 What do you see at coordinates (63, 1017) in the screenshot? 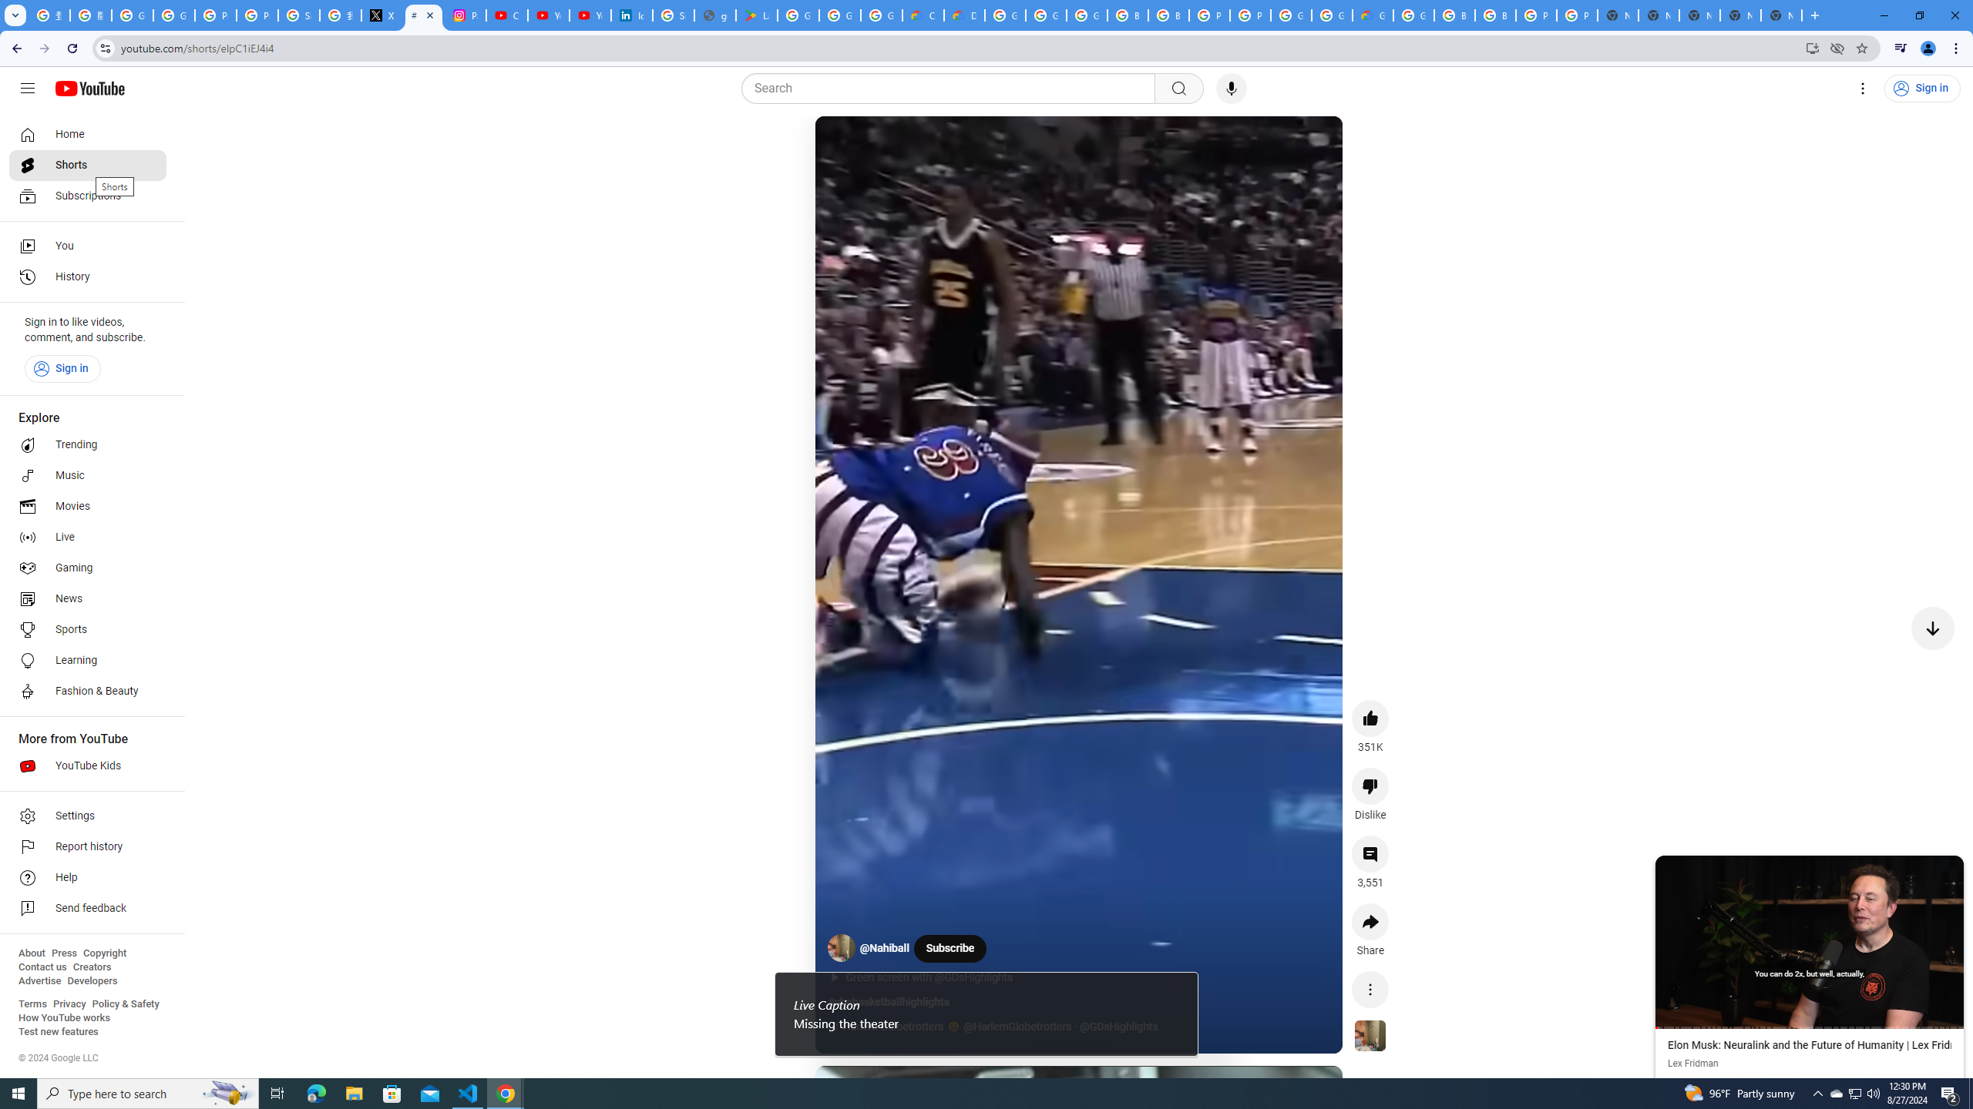
I see `'How YouTube works'` at bounding box center [63, 1017].